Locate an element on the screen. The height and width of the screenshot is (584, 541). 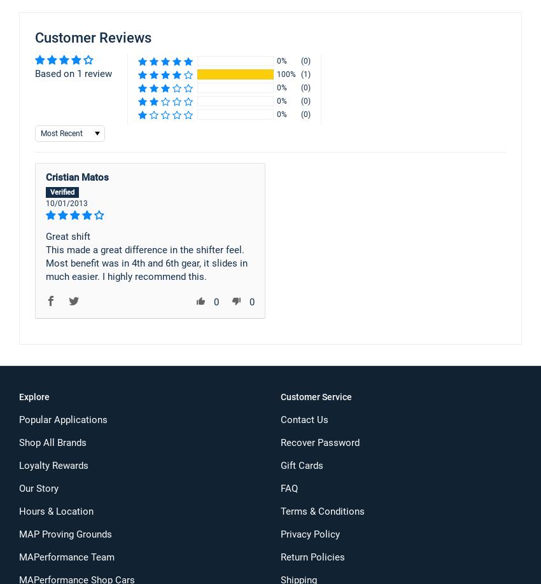
'Our Story' is located at coordinates (39, 488).